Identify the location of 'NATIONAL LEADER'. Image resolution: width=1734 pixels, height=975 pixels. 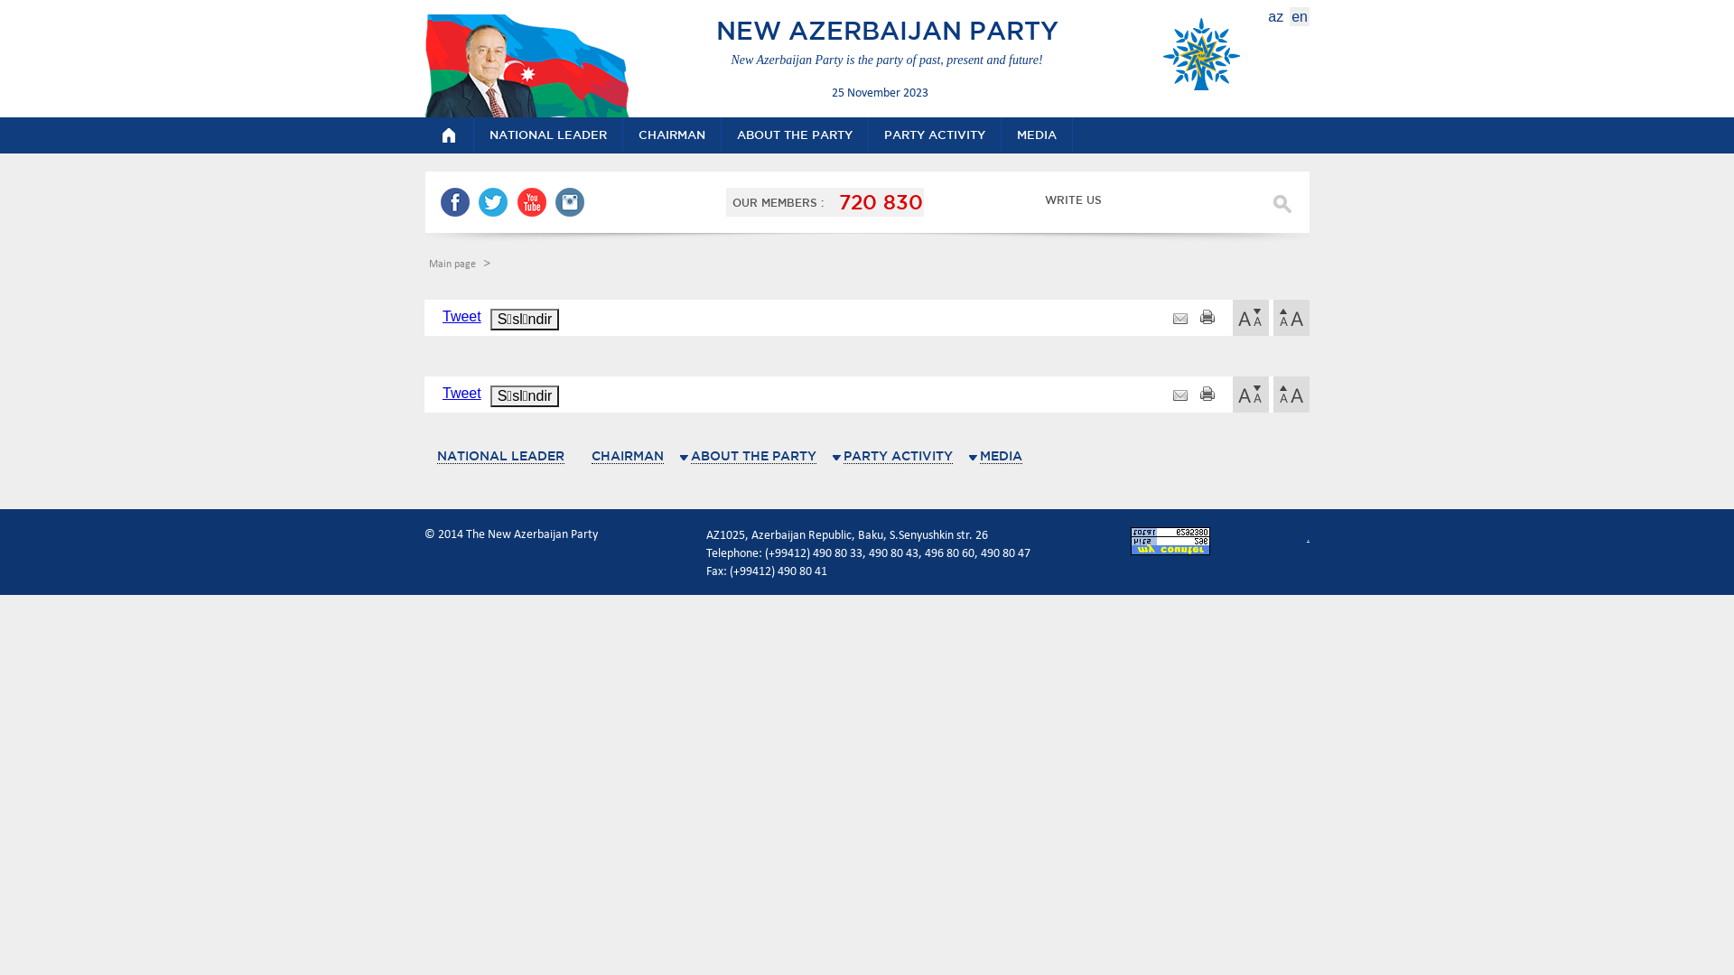
(500, 455).